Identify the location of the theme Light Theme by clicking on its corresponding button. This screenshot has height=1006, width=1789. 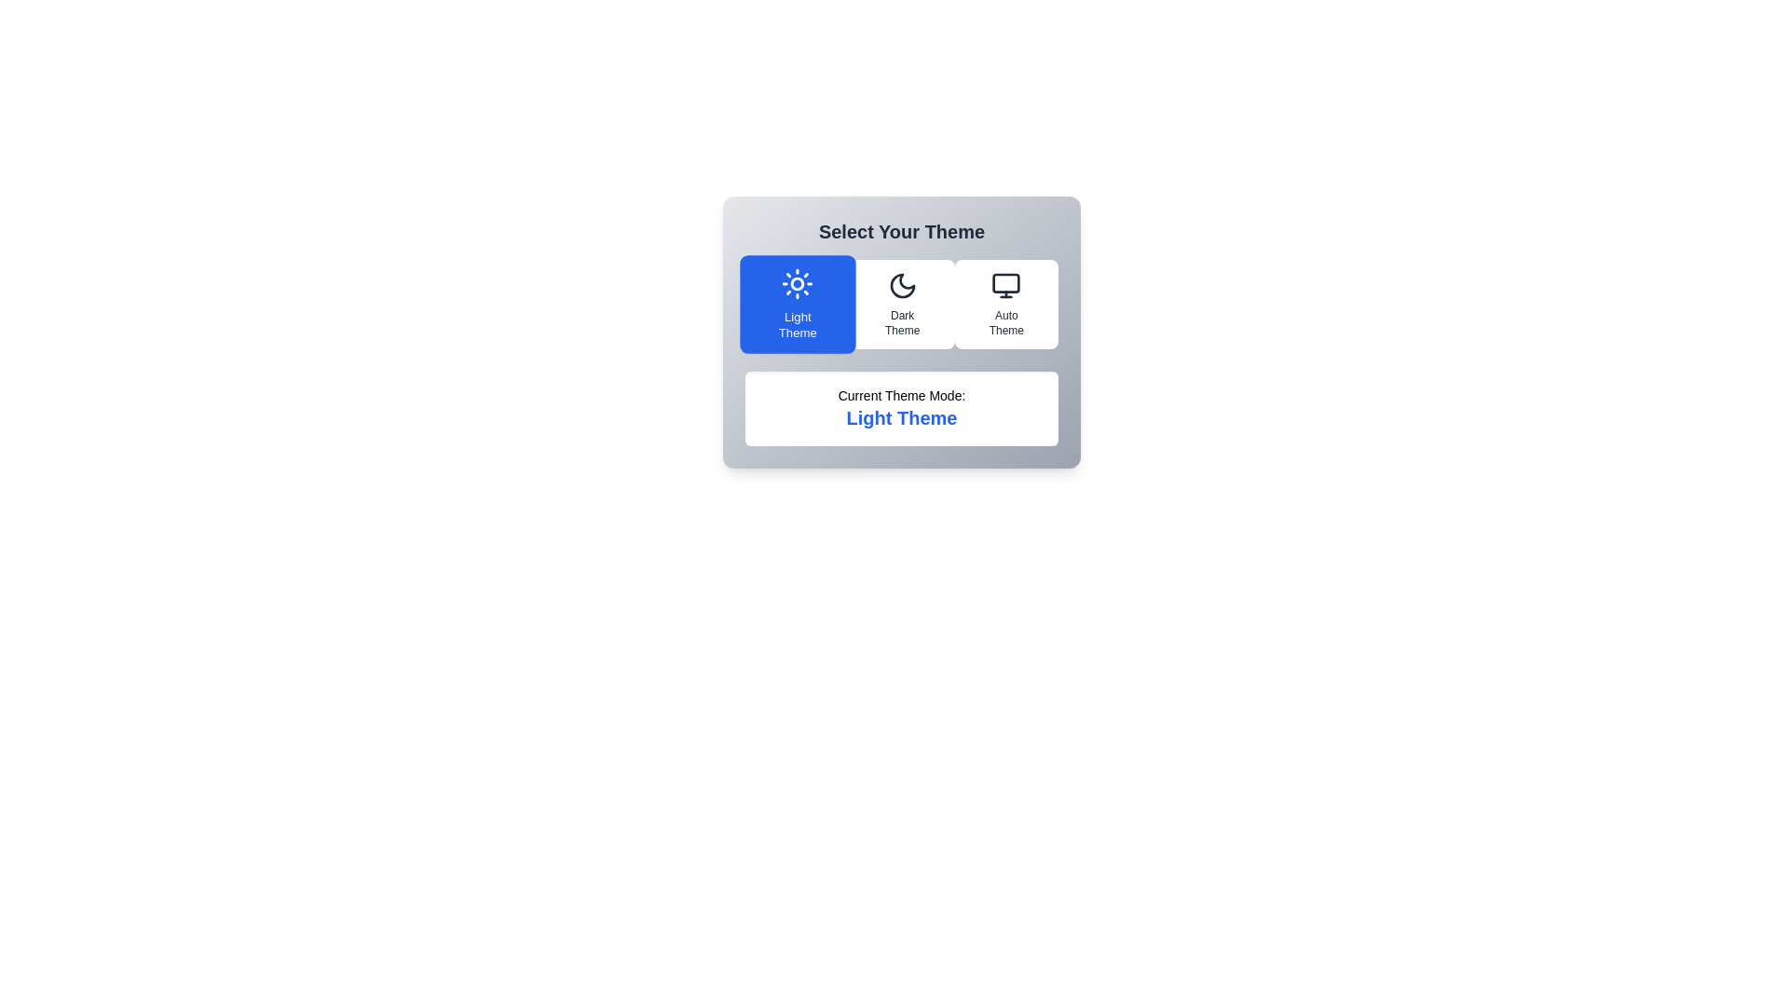
(797, 304).